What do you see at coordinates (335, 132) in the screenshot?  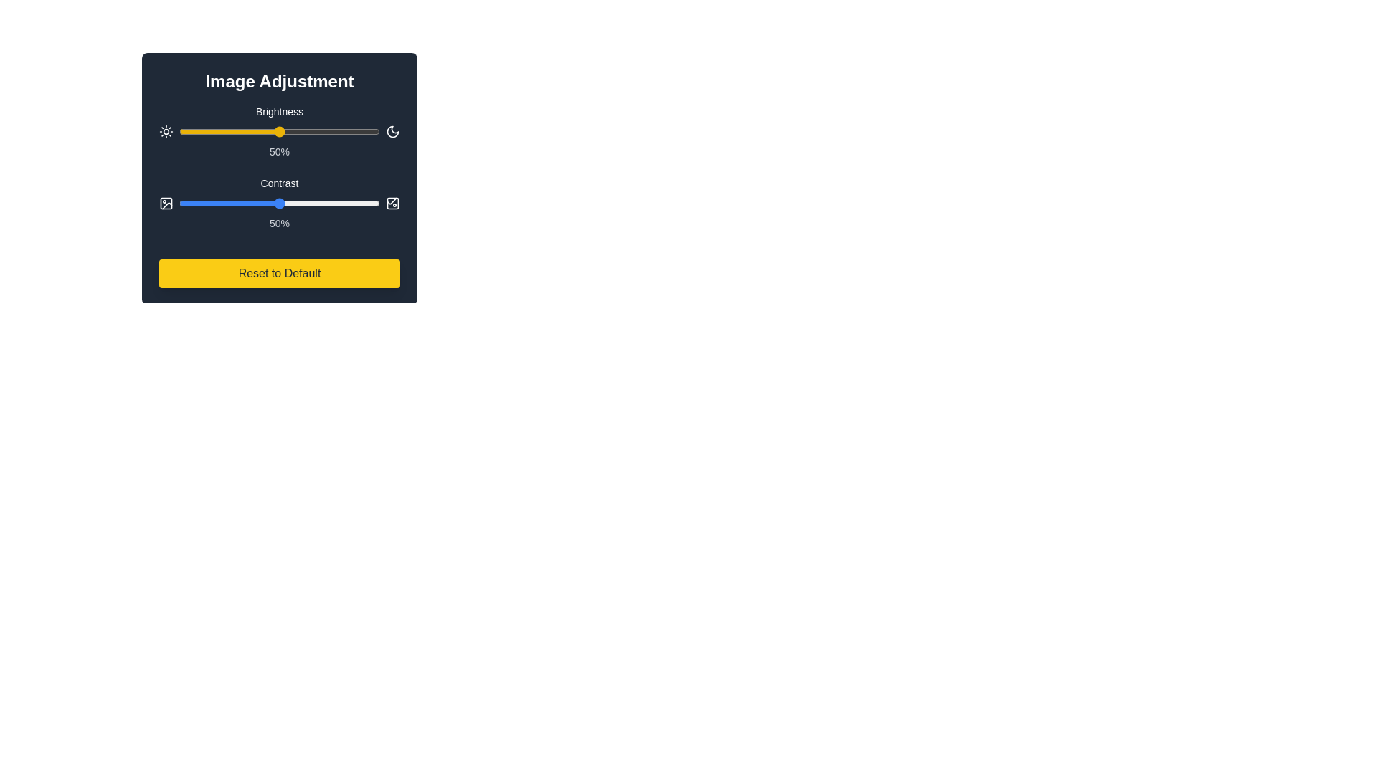 I see `brightness` at bounding box center [335, 132].